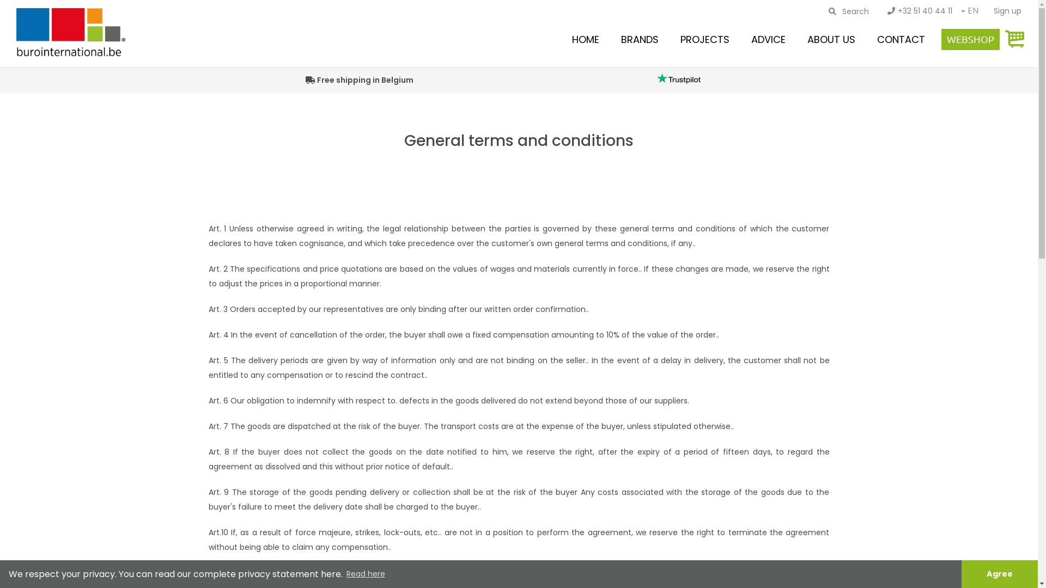  I want to click on 'ABOUT US', so click(831, 39).